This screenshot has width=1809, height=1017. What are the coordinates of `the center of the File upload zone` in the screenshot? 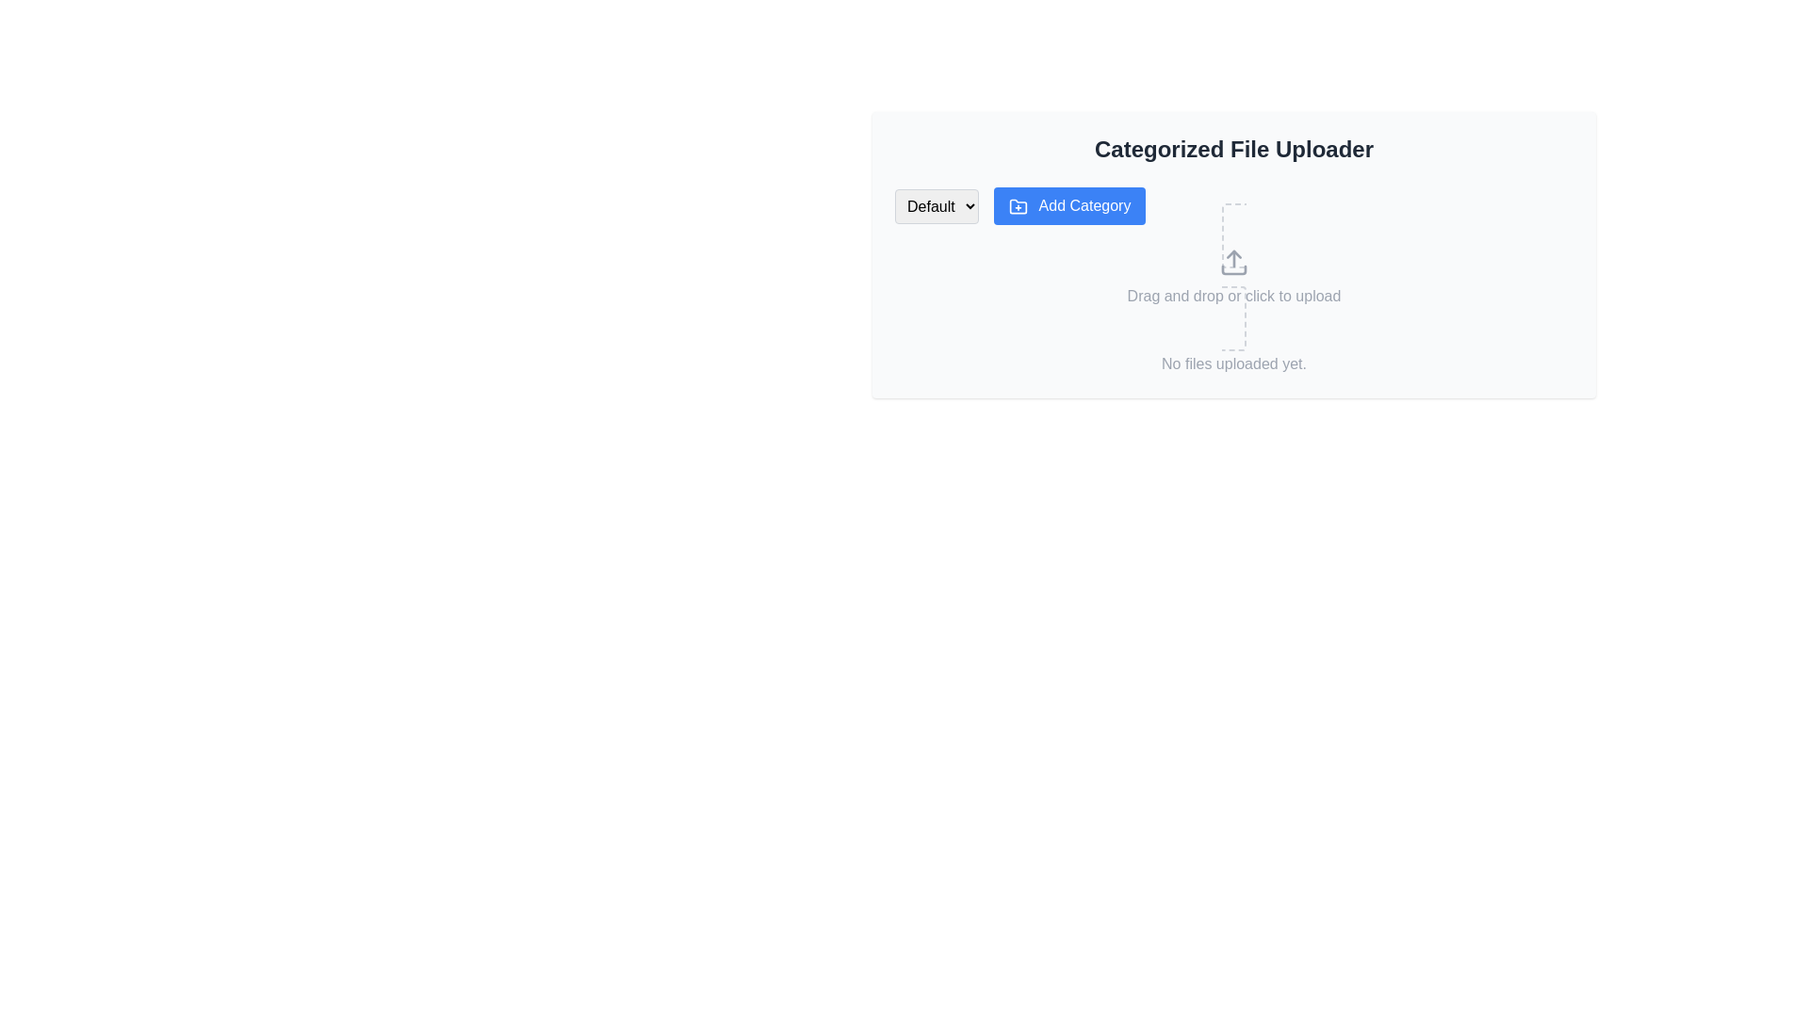 It's located at (1234, 276).